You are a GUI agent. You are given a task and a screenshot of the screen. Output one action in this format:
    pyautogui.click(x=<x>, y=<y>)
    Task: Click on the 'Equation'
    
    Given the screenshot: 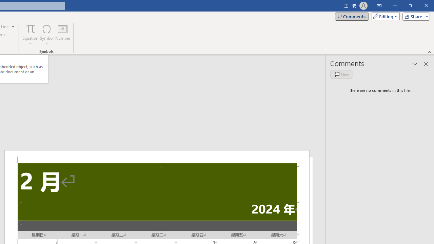 What is the action you would take?
    pyautogui.click(x=30, y=28)
    